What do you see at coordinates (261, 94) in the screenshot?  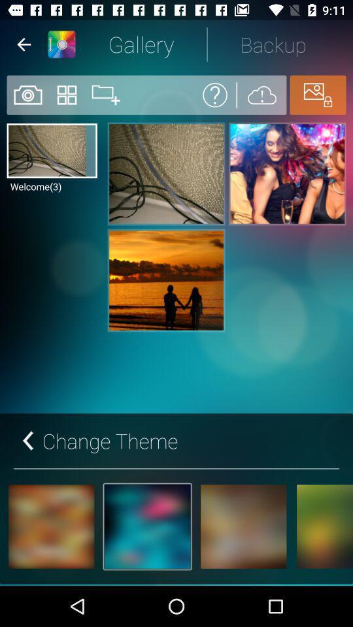 I see `the warning icon` at bounding box center [261, 94].